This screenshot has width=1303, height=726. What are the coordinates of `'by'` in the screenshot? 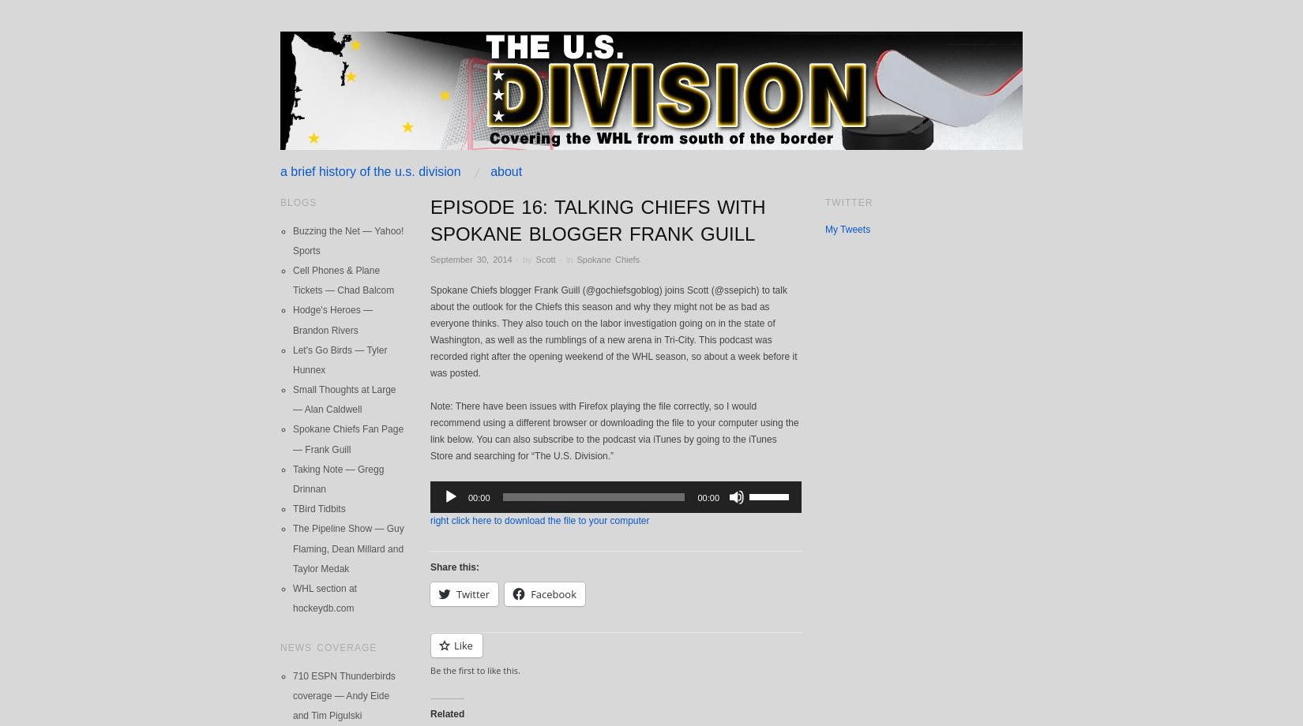 It's located at (520, 259).